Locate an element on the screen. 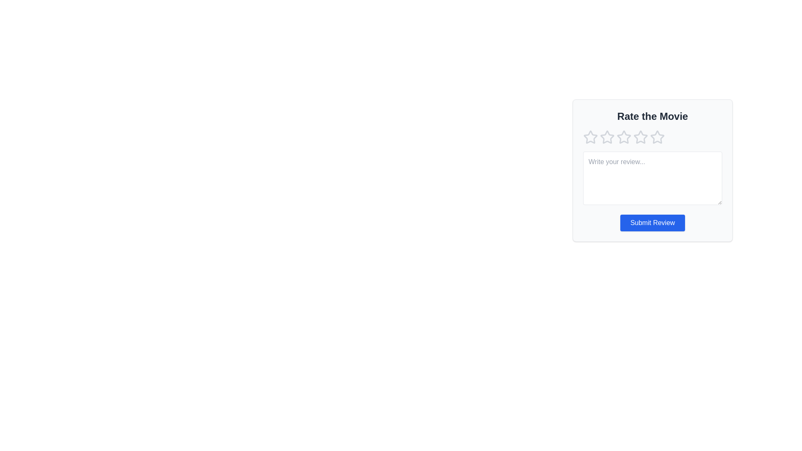 The width and height of the screenshot is (802, 451). the star rating to 2 by clicking on the corresponding star is located at coordinates (607, 137).